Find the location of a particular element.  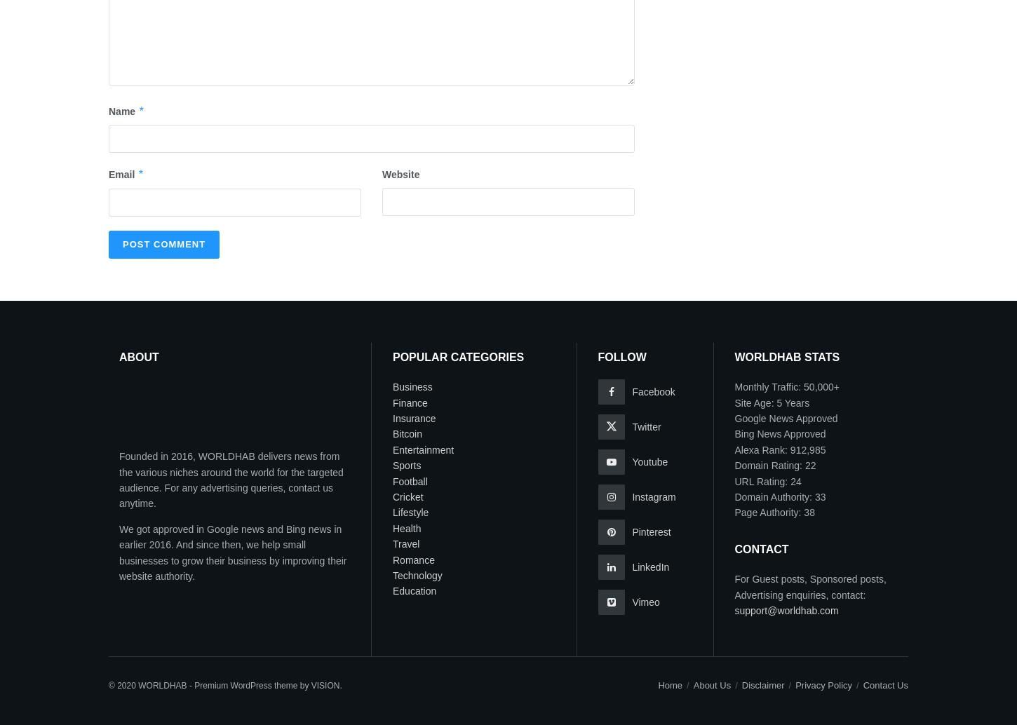

'Vimeo' is located at coordinates (645, 602).